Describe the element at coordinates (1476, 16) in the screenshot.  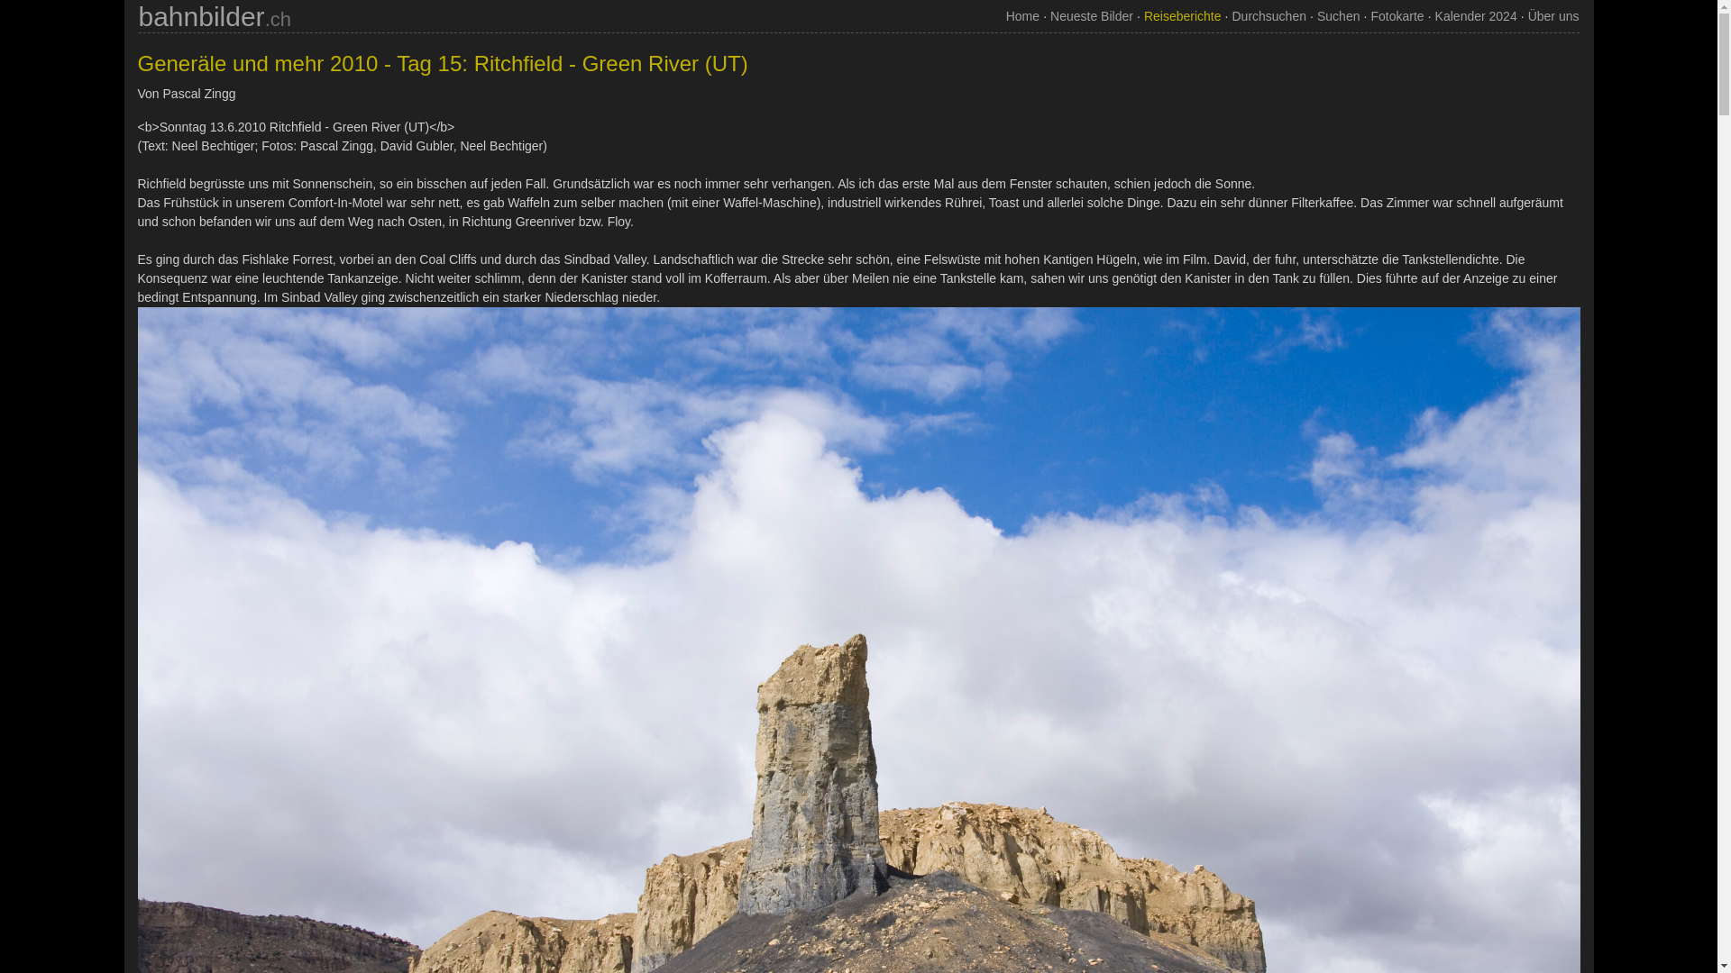
I see `'Kalender 2024'` at that location.